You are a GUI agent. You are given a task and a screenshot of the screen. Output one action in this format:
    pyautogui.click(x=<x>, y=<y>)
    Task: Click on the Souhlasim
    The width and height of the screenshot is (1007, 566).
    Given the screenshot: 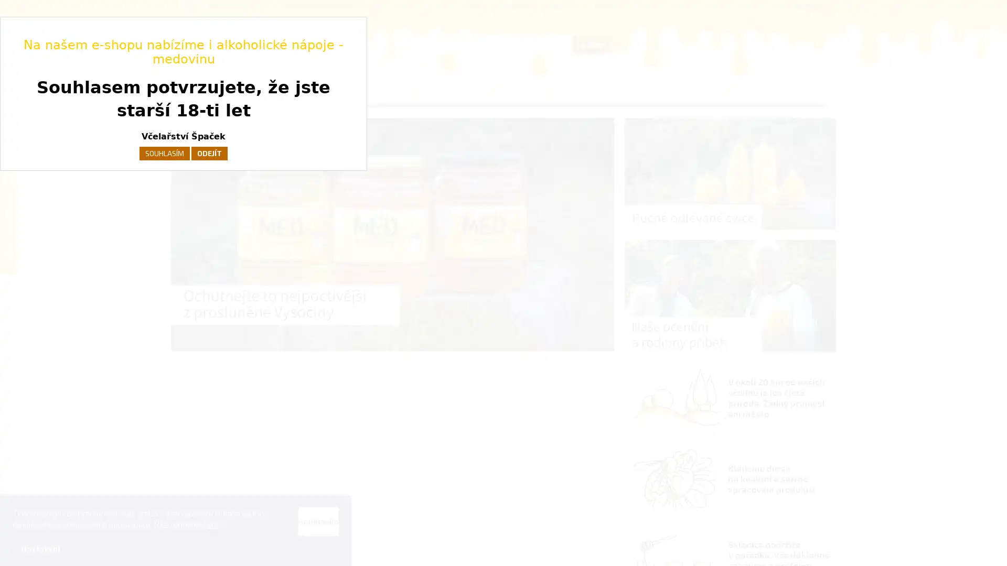 What is the action you would take?
    pyautogui.click(x=633, y=521)
    